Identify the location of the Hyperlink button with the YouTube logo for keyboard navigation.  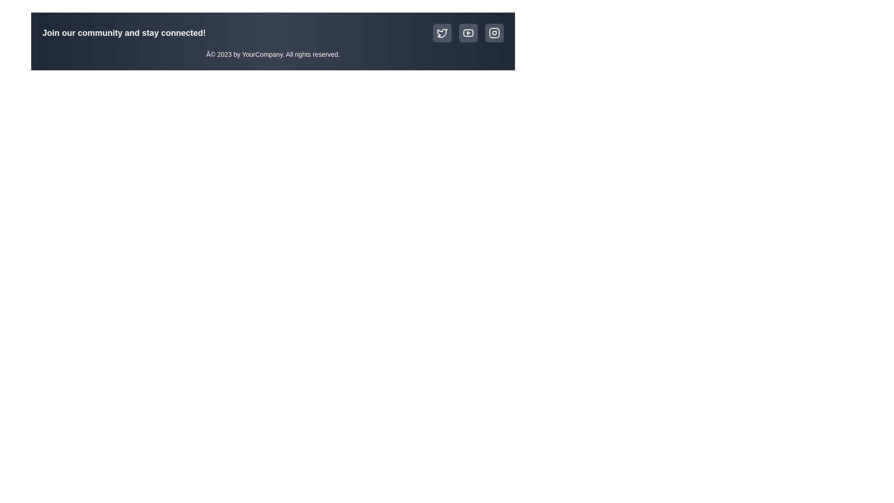
(468, 32).